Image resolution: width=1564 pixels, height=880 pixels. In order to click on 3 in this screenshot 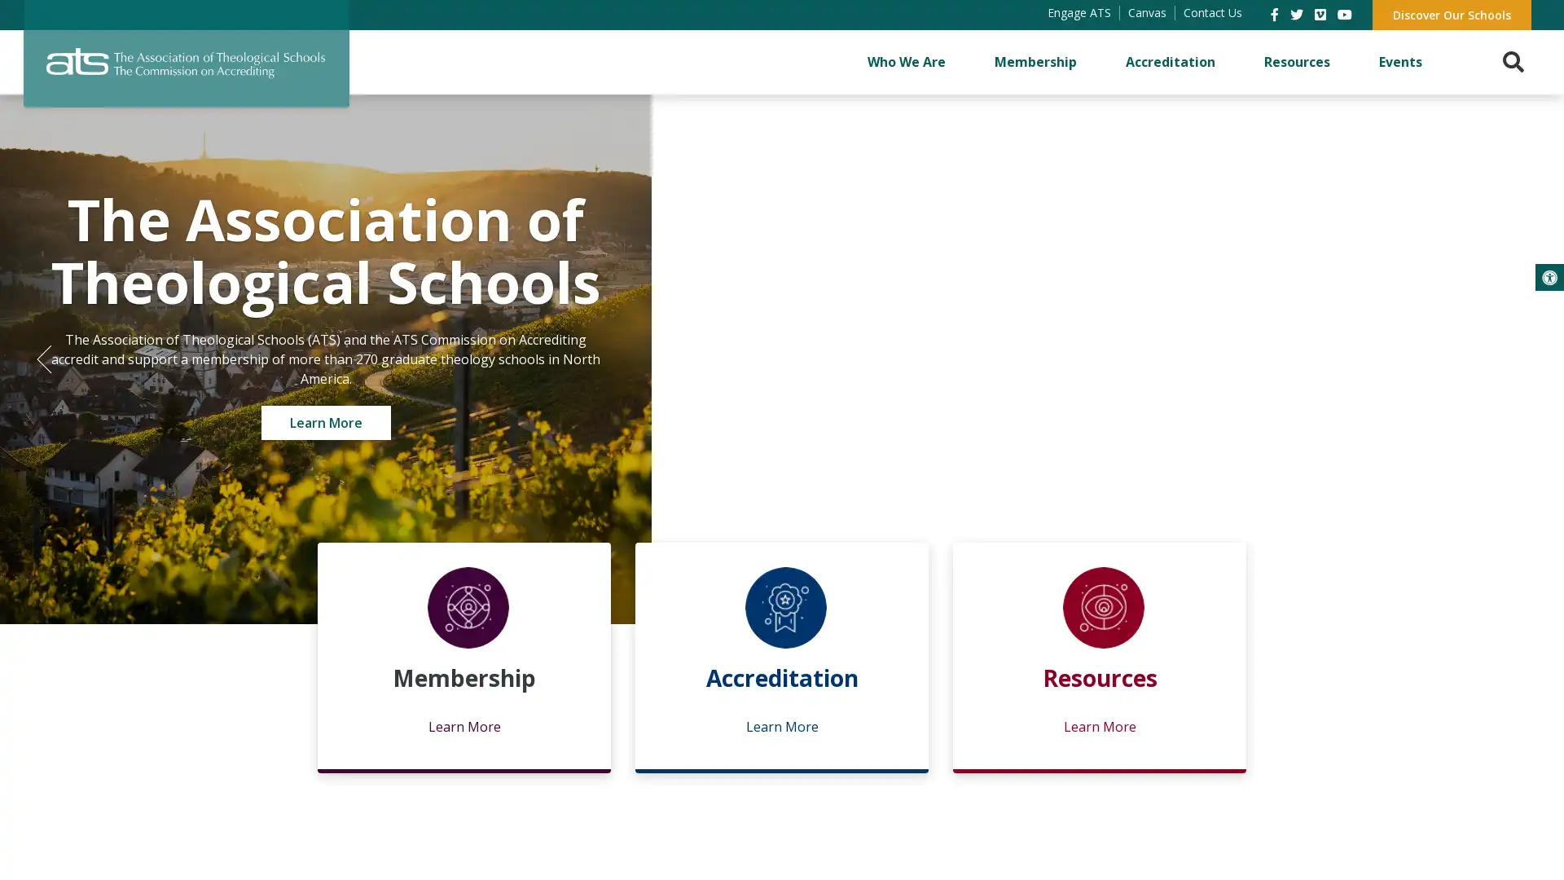, I will do `click(806, 559)`.